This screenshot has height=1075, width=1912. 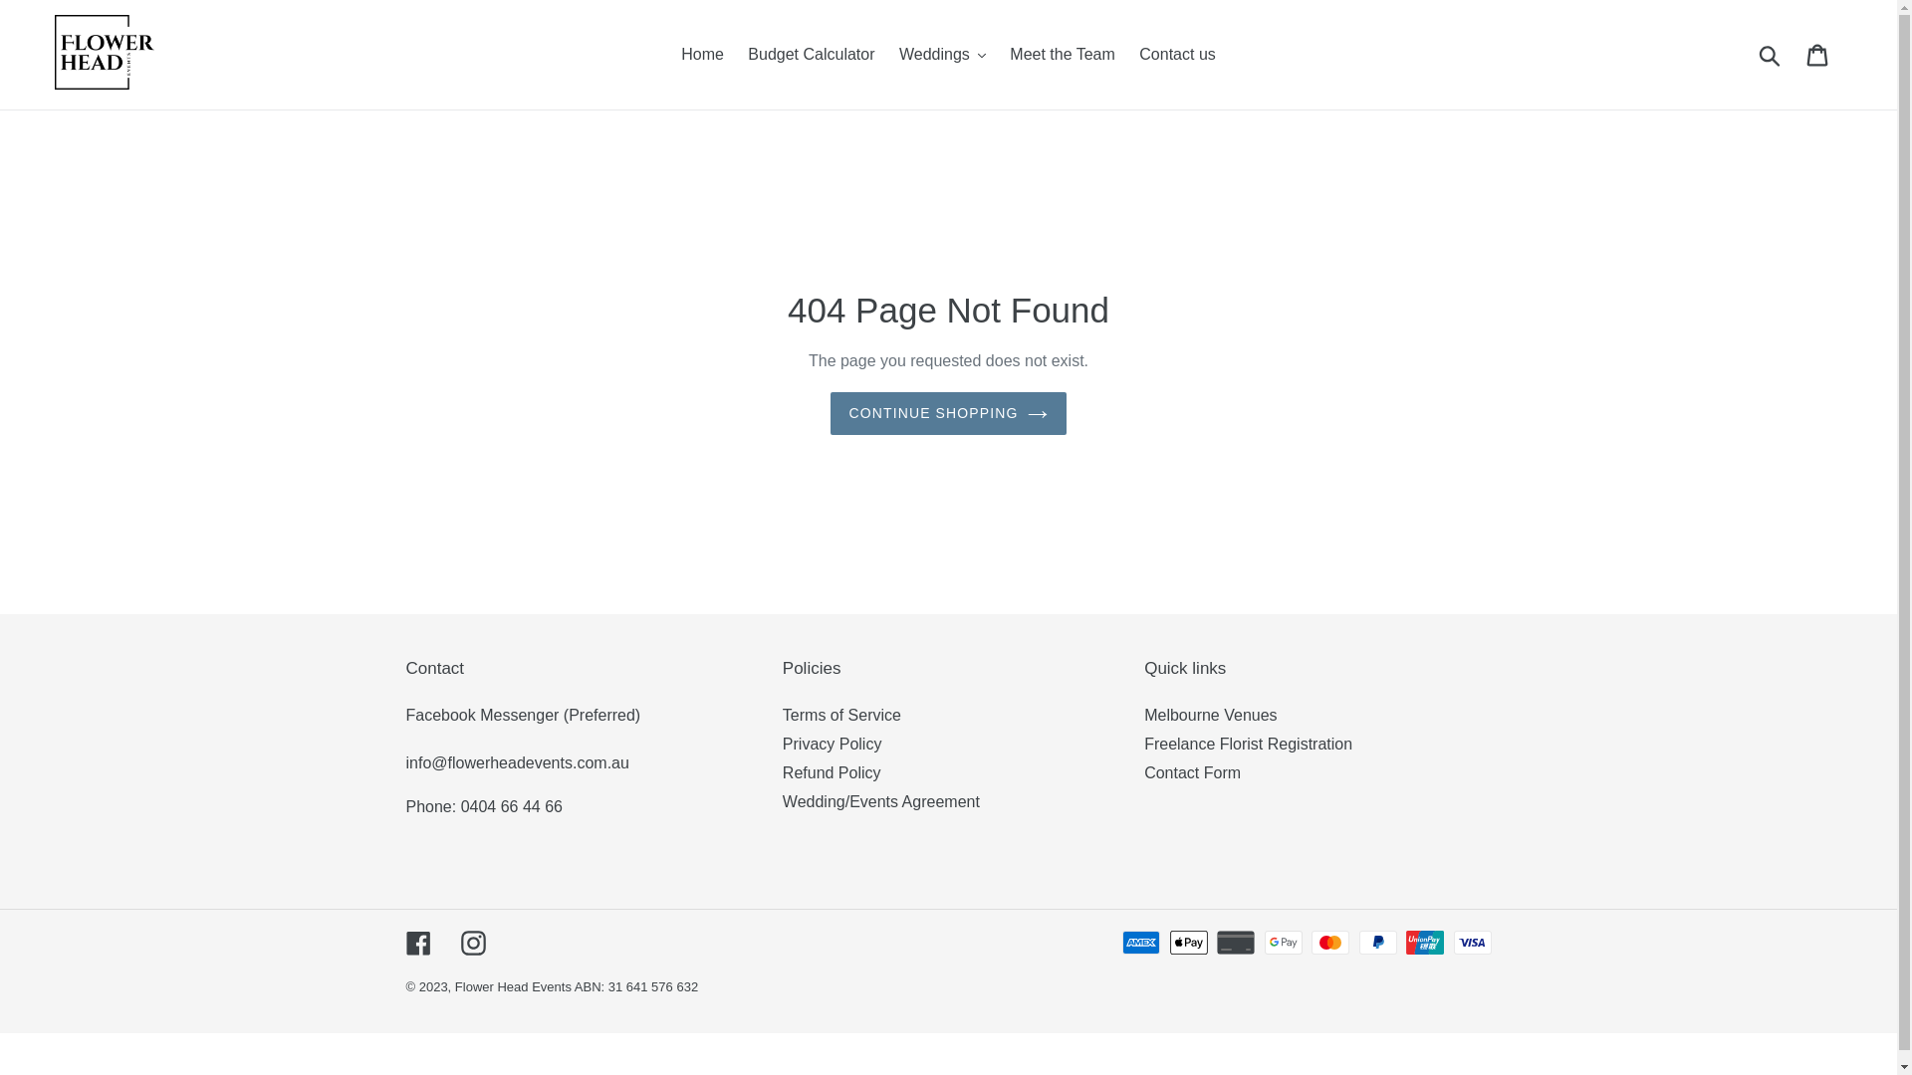 What do you see at coordinates (1143, 771) in the screenshot?
I see `'Contact Form'` at bounding box center [1143, 771].